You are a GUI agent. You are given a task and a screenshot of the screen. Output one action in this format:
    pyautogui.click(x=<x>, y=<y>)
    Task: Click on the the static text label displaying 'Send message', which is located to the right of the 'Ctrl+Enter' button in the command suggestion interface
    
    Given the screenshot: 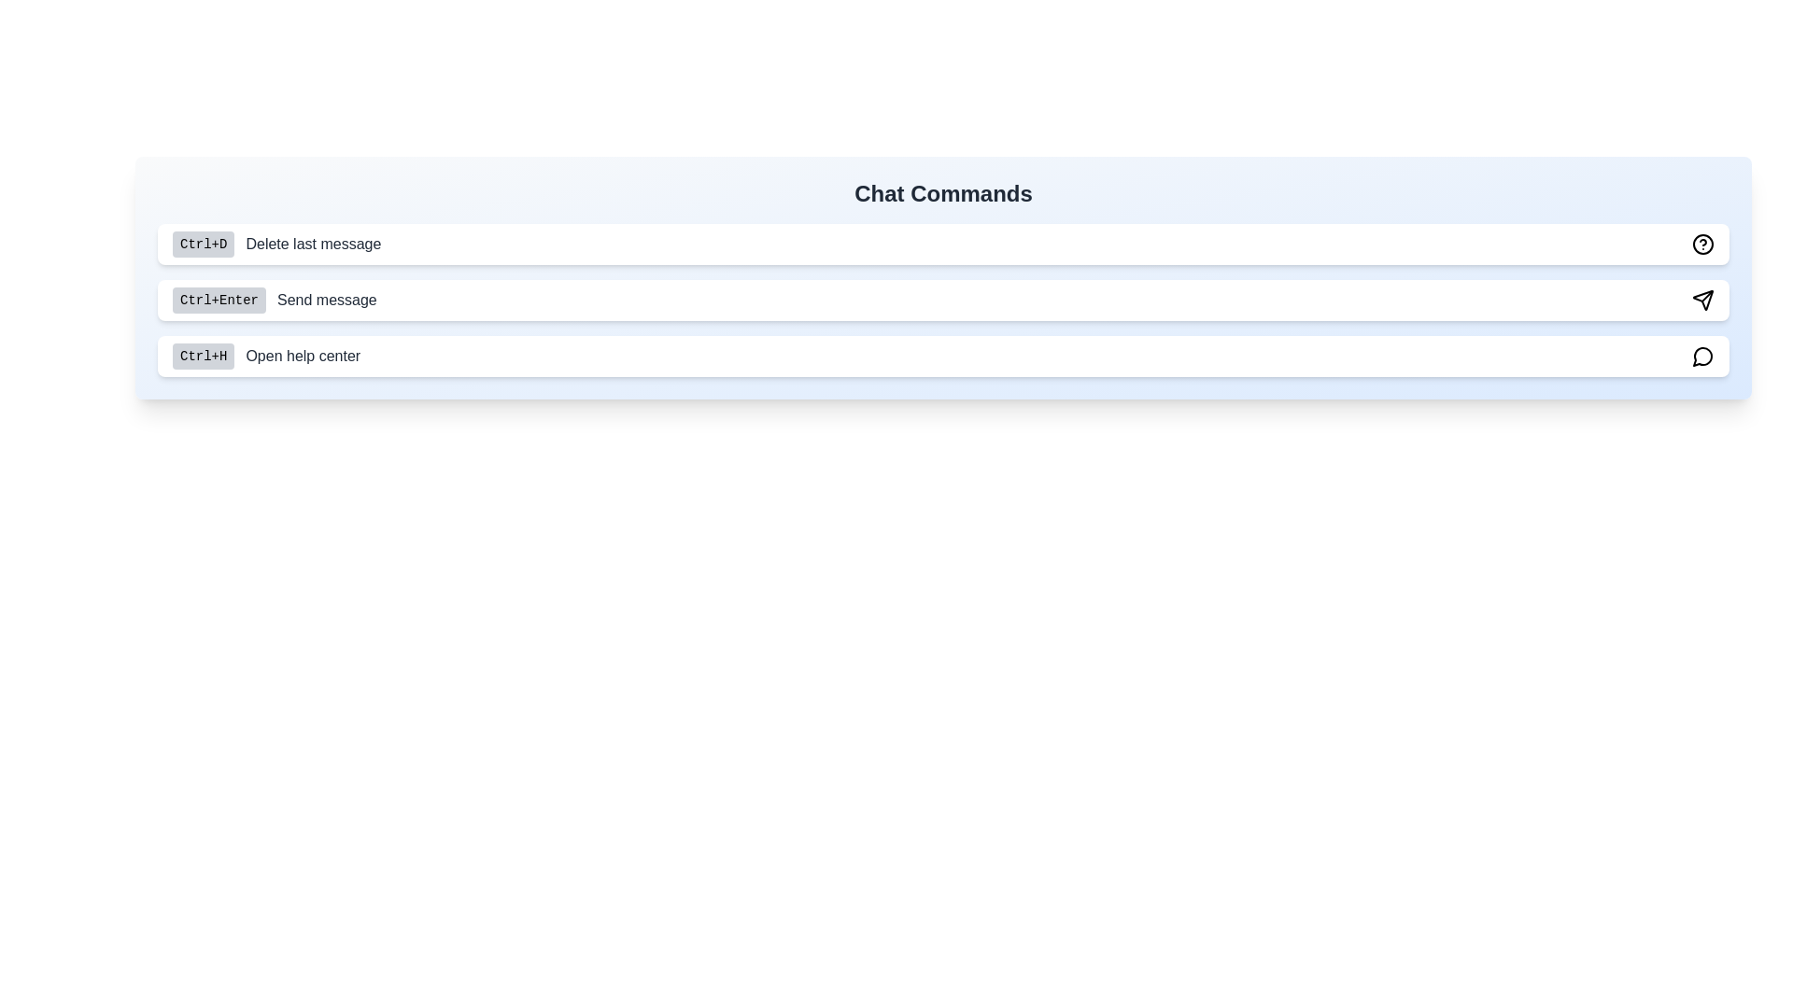 What is the action you would take?
    pyautogui.click(x=327, y=299)
    